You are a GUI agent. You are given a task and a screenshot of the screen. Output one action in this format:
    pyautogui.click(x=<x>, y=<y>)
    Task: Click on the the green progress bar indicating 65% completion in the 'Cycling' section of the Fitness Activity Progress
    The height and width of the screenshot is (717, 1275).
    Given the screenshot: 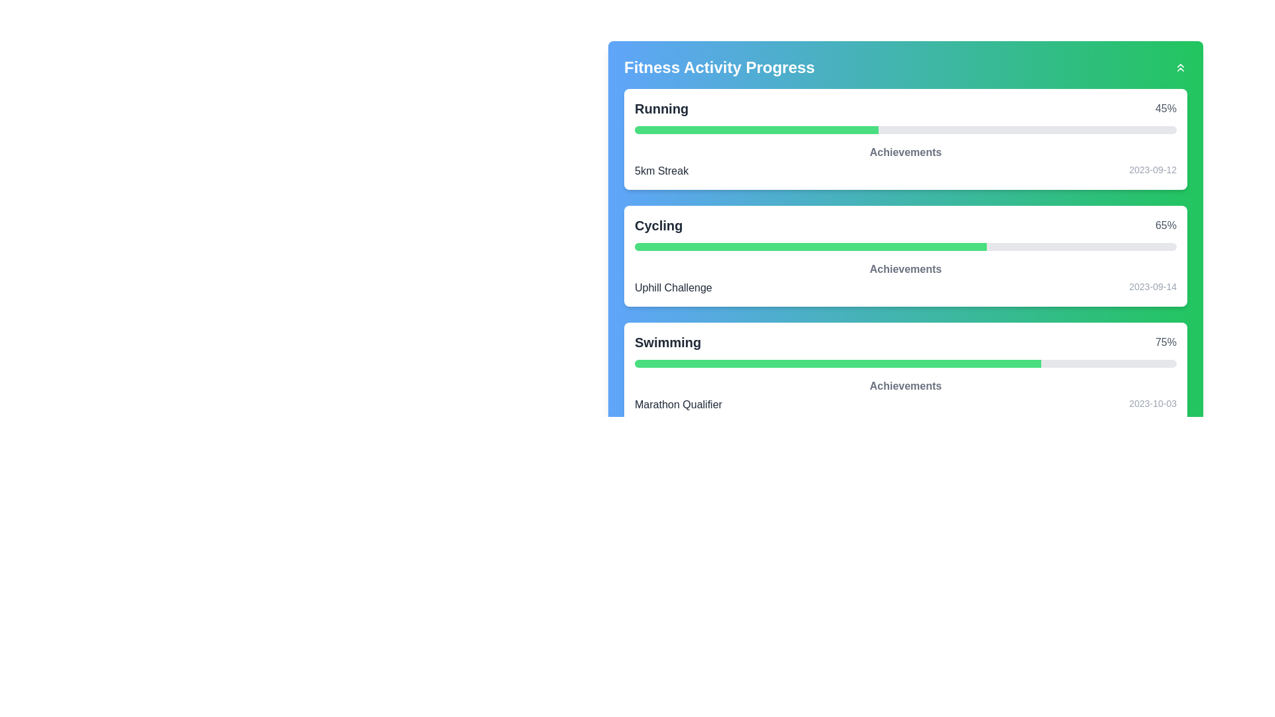 What is the action you would take?
    pyautogui.click(x=810, y=246)
    